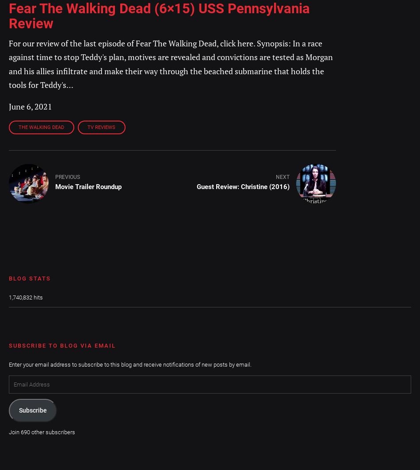  I want to click on 'tv reviews', so click(101, 127).